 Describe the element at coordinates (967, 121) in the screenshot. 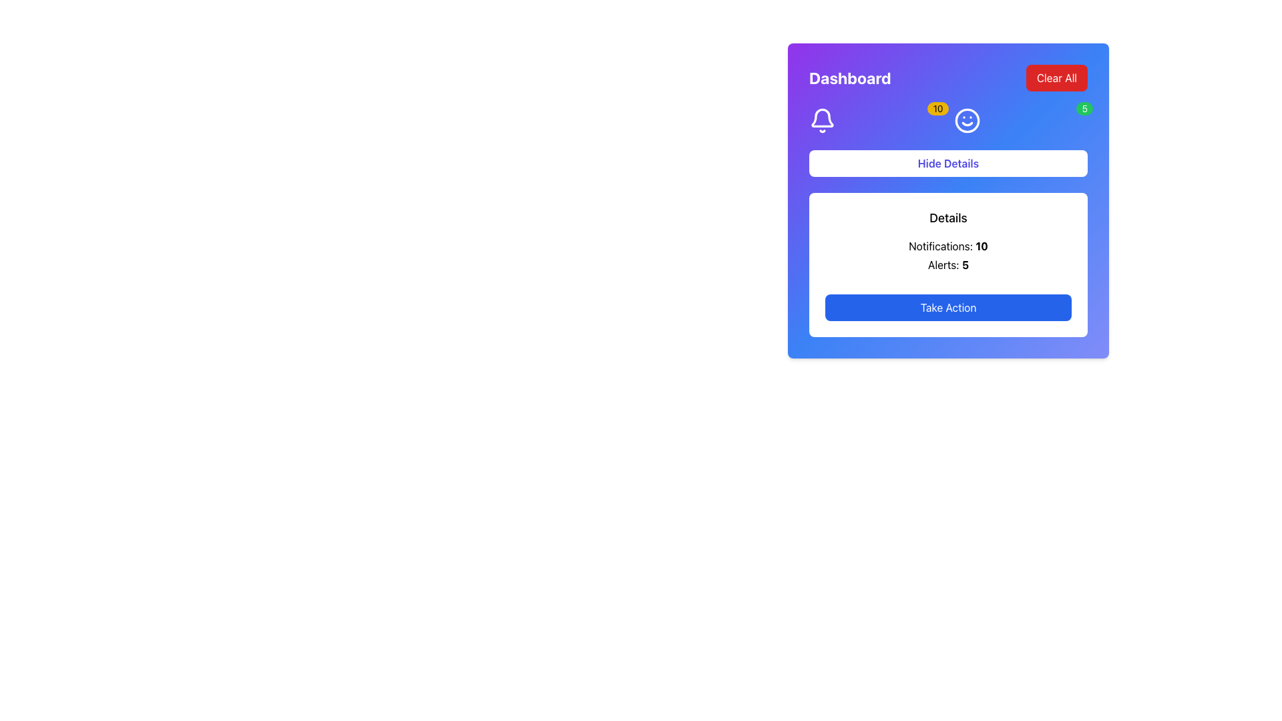

I see `the circular smiley face icon located in the top-right corner of the dashboard, near the 'Clear All' button and beneath a green indicator labeled '5'` at that location.